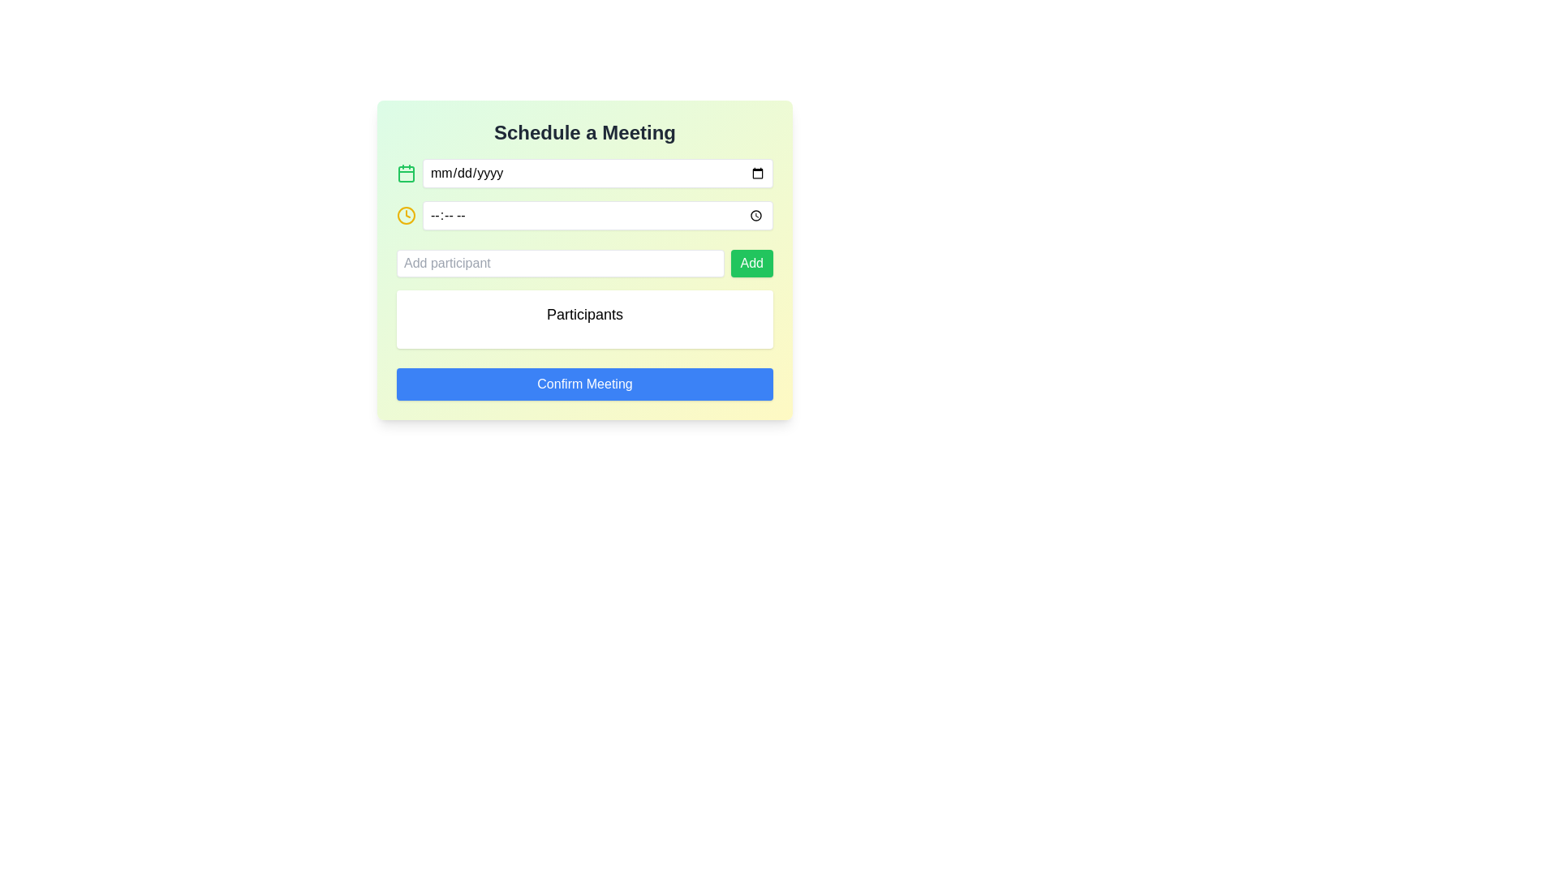 The height and width of the screenshot is (876, 1558). What do you see at coordinates (584, 319) in the screenshot?
I see `the static text header or label indicating the participants section of the 'Schedule a Meeting' form, located between the 'Add participant' button and the 'Confirm Meeting' button` at bounding box center [584, 319].